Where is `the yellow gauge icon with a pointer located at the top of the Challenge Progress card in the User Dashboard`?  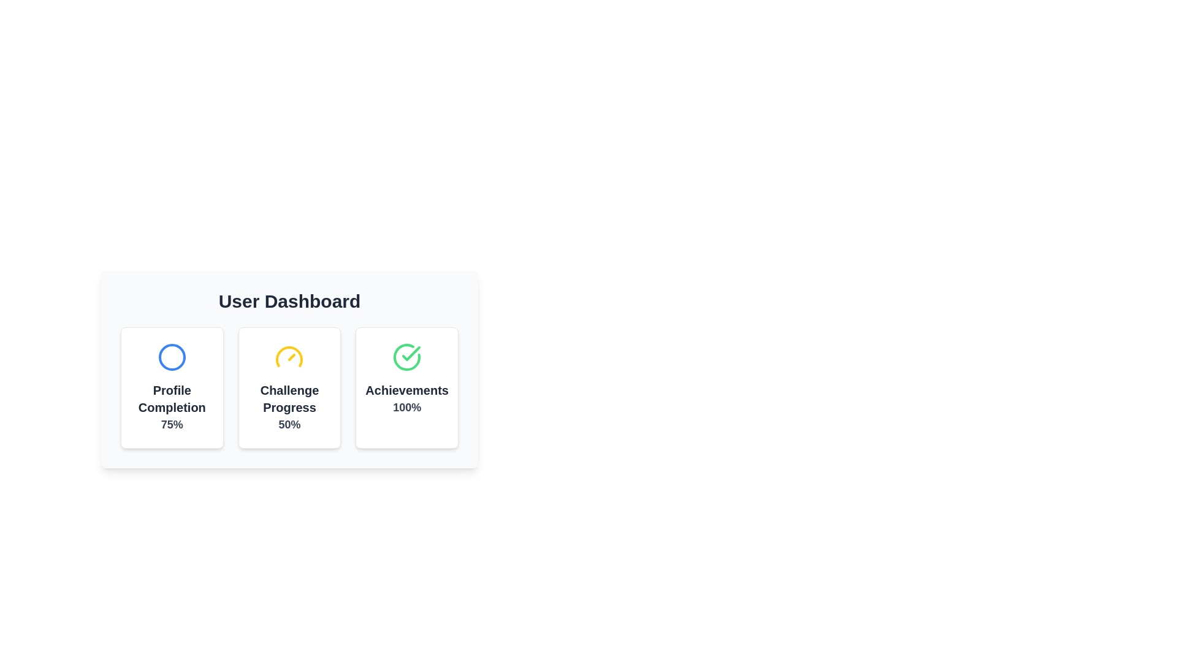
the yellow gauge icon with a pointer located at the top of the Challenge Progress card in the User Dashboard is located at coordinates (289, 357).